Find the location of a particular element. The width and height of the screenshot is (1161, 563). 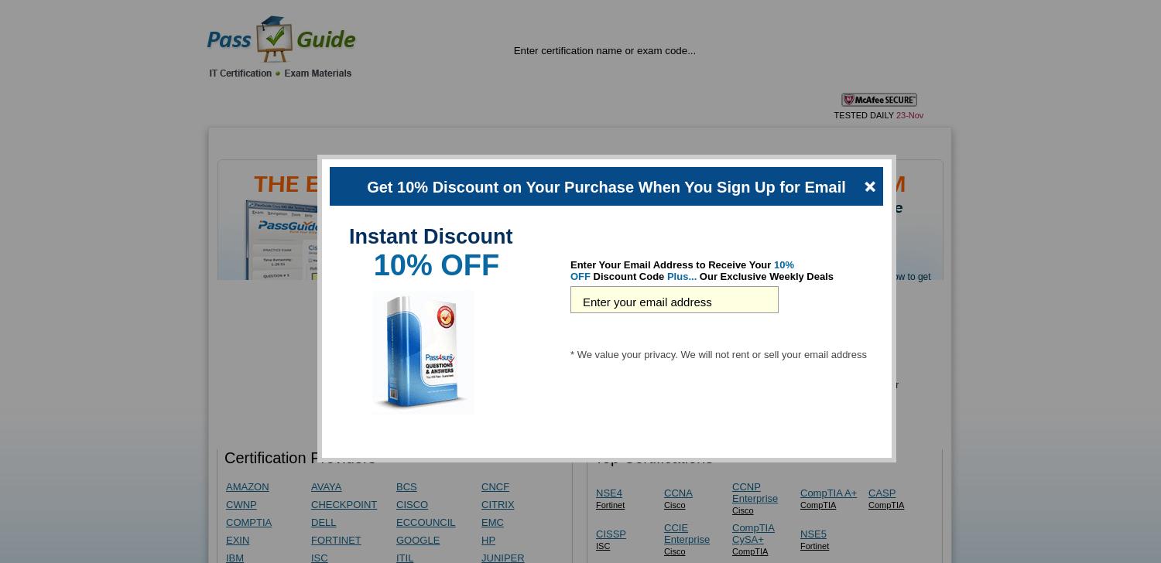

'OFF' is located at coordinates (580, 276).